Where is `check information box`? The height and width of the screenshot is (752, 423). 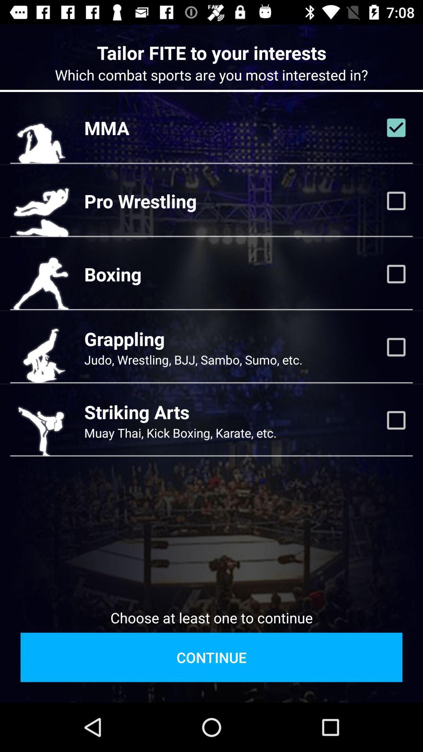
check information box is located at coordinates (396, 128).